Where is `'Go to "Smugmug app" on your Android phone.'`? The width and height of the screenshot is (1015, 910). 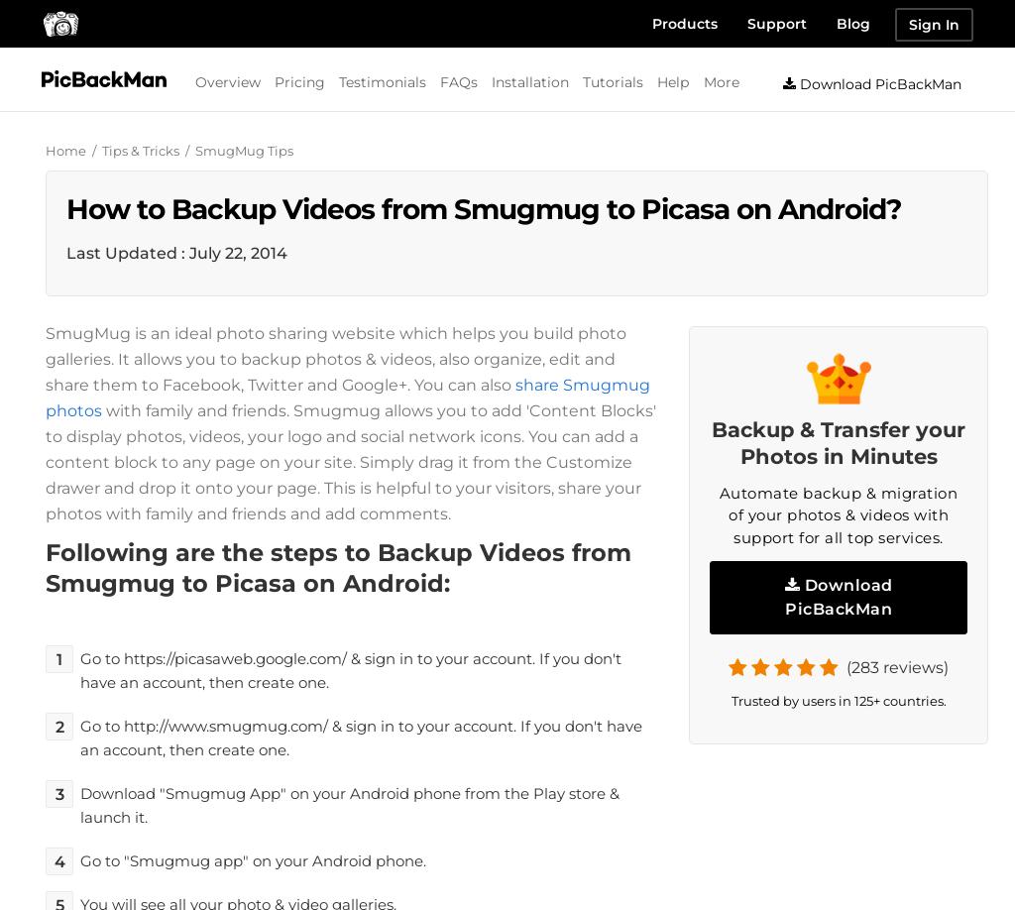 'Go to "Smugmug app" on your Android phone.' is located at coordinates (78, 859).